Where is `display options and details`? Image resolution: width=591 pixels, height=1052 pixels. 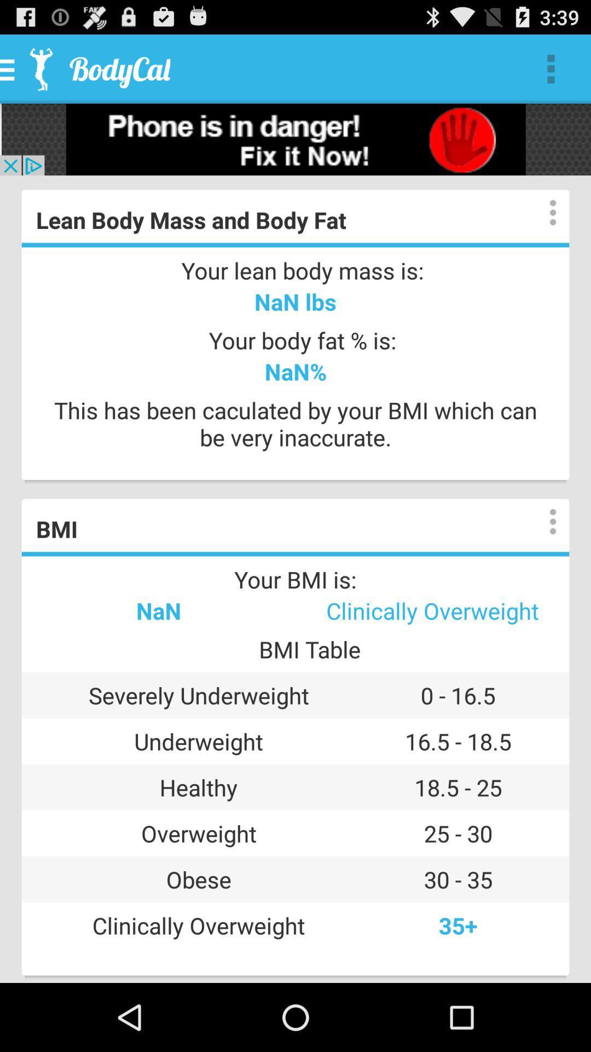
display options and details is located at coordinates (542, 213).